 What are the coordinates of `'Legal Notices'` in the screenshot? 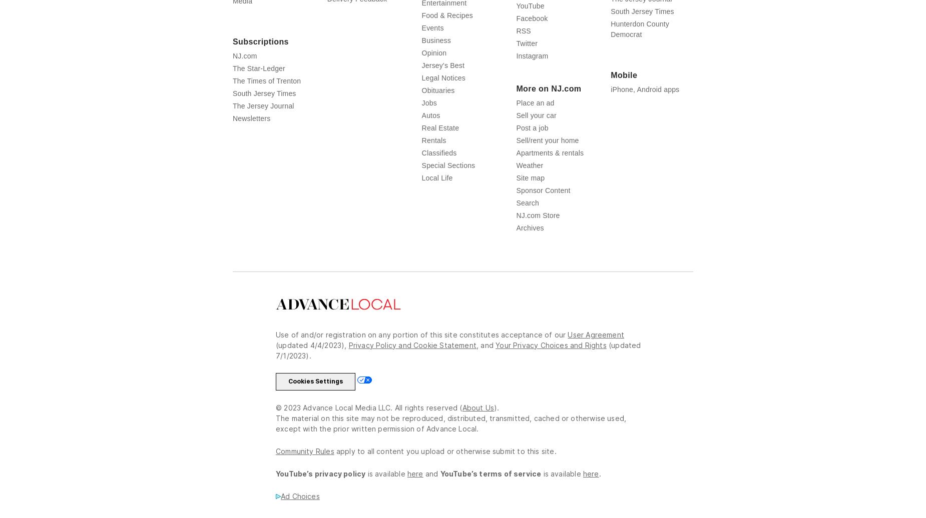 It's located at (443, 77).